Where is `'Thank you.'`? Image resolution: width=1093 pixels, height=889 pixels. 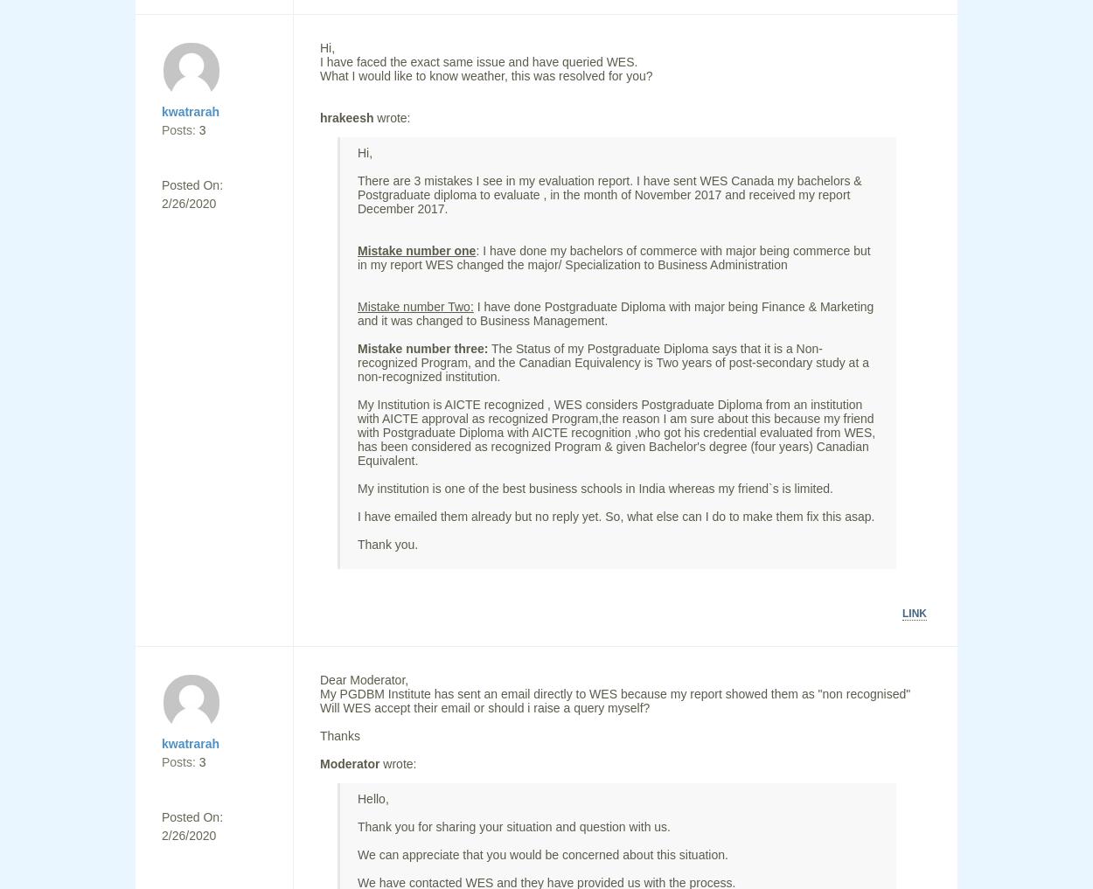 'Thank you.' is located at coordinates (386, 545).